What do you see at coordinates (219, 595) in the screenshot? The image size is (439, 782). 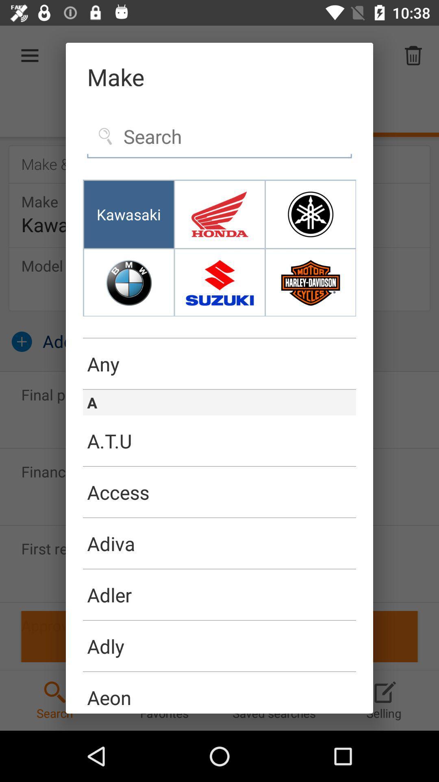 I see `the adler icon` at bounding box center [219, 595].